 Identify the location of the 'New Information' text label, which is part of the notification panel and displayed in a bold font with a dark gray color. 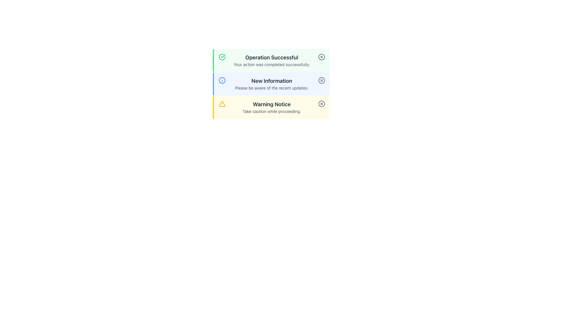
(271, 81).